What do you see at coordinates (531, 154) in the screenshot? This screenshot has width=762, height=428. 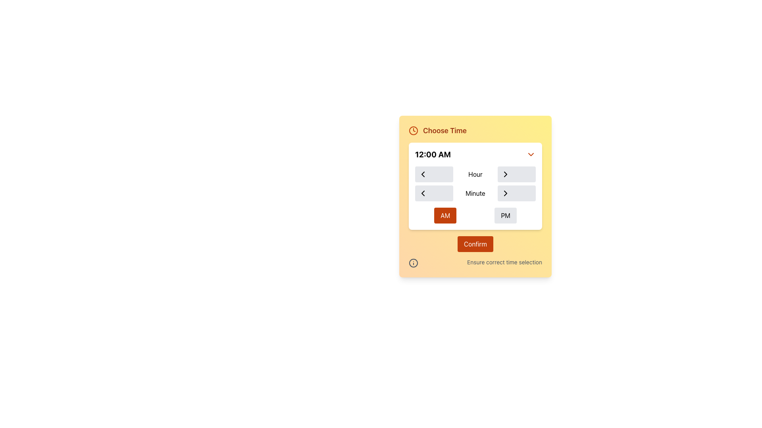 I see `the dropdown toggle icon, which is positioned to the far right of the '12:00 AM' time text label` at bounding box center [531, 154].